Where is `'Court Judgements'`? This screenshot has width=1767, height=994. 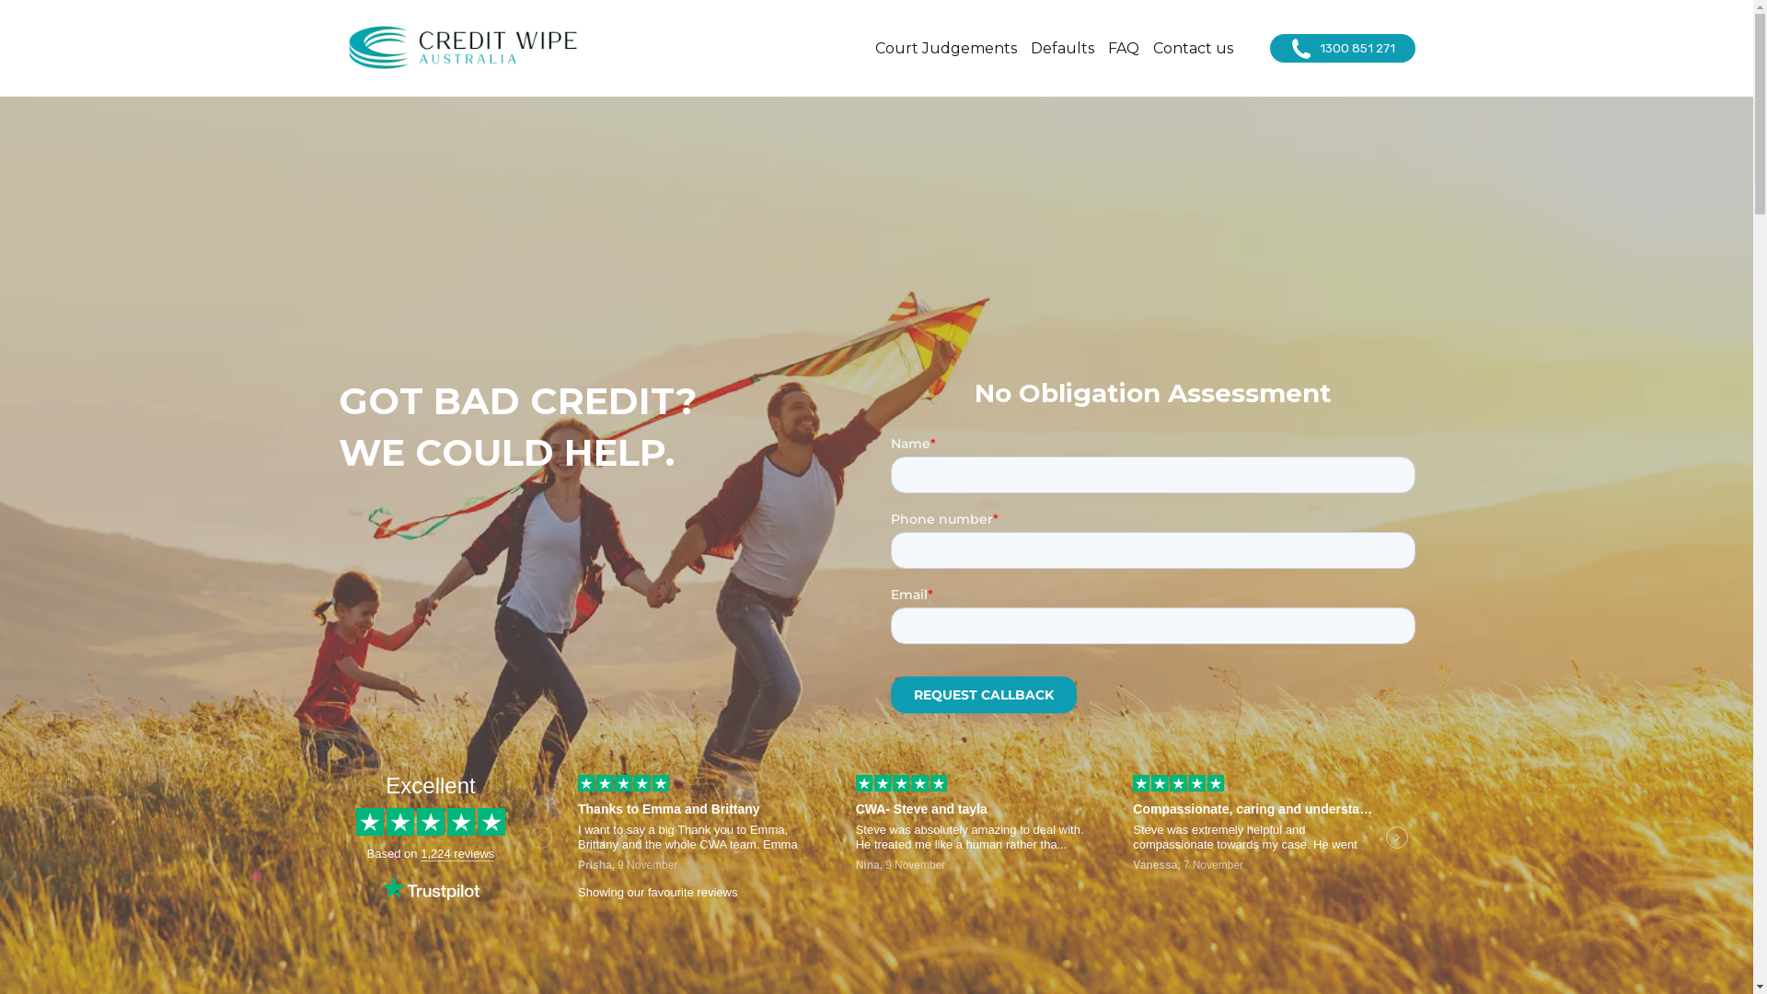
'Court Judgements' is located at coordinates (945, 47).